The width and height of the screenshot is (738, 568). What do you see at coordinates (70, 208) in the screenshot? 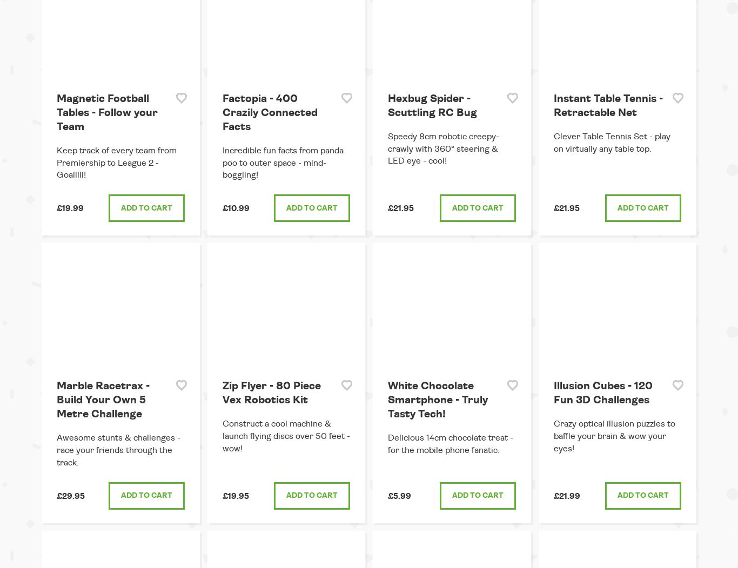
I see `'£19.99'` at bounding box center [70, 208].